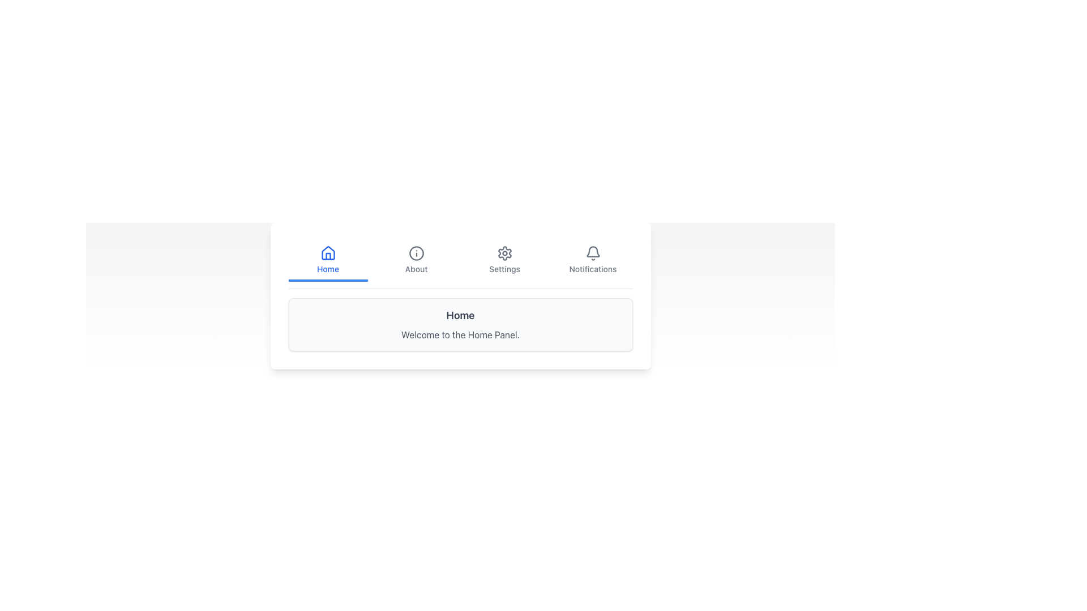 This screenshot has height=611, width=1087. Describe the element at coordinates (592, 252) in the screenshot. I see `the bell icon in the Notifications menu option` at that location.